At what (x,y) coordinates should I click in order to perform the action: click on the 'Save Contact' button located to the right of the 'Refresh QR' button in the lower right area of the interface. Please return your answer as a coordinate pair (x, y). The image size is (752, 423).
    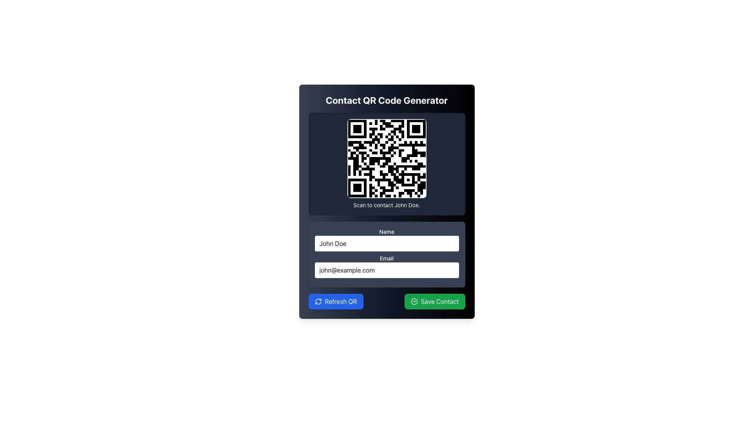
    Looking at the image, I should click on (434, 301).